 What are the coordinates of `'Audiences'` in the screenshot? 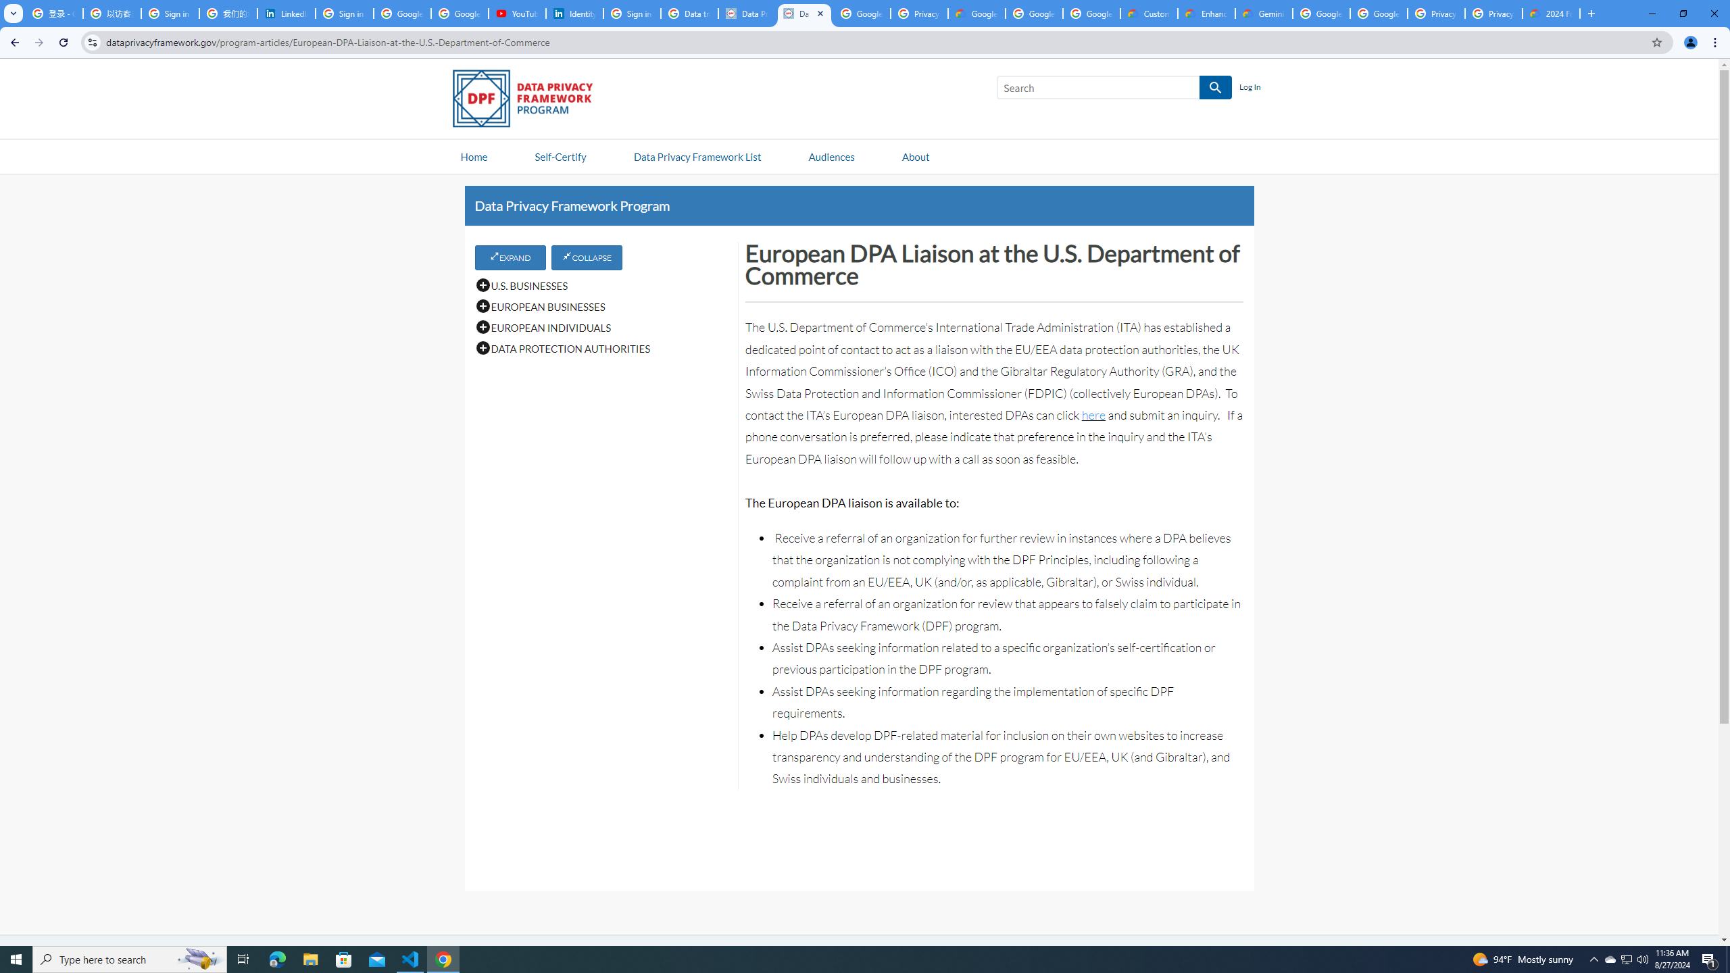 It's located at (831, 155).